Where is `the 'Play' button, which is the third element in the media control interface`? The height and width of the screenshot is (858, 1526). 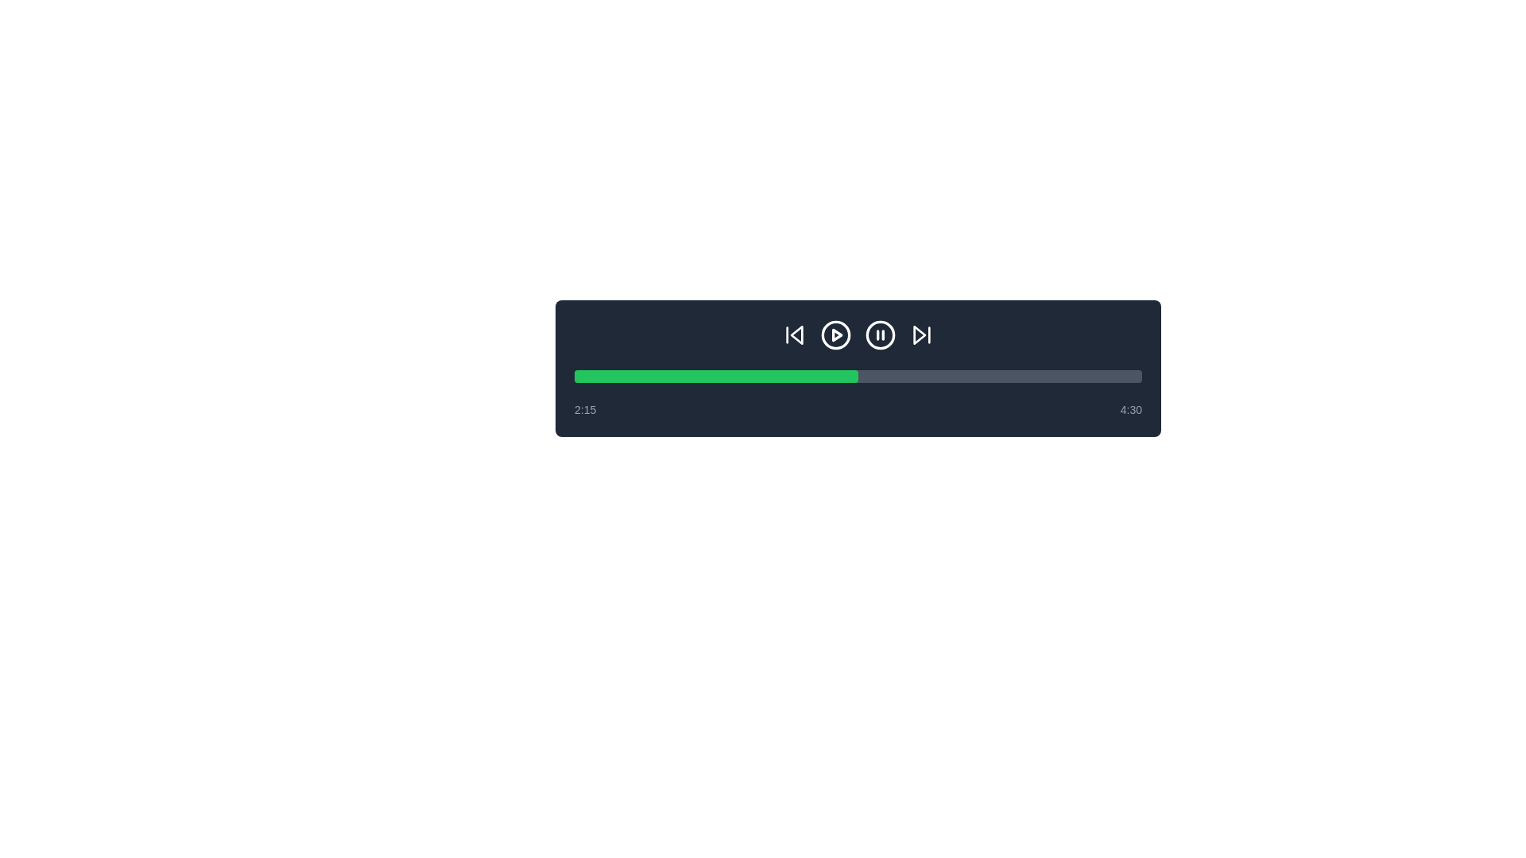
the 'Play' button, which is the third element in the media control interface is located at coordinates (835, 334).